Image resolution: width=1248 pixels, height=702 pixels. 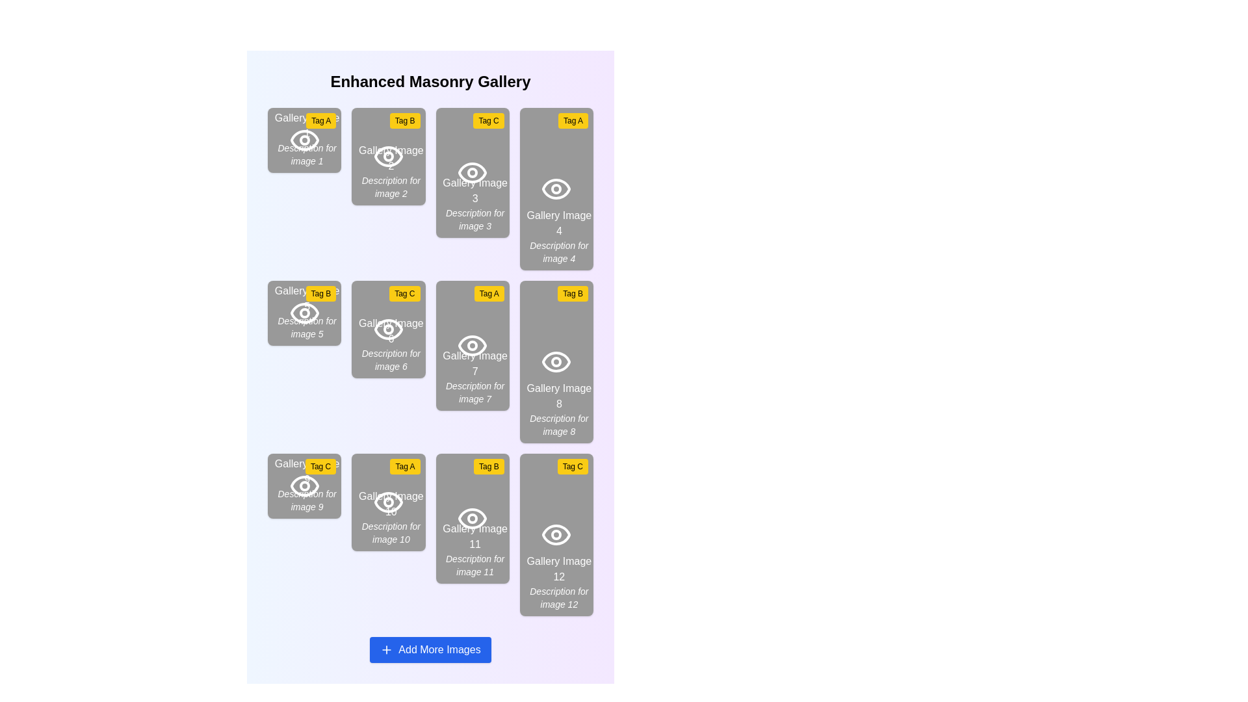 What do you see at coordinates (387, 328) in the screenshot?
I see `the eye icon positioned at the center of the card labeled 'Gallery Image 6' with the description 'Description for image 6'` at bounding box center [387, 328].